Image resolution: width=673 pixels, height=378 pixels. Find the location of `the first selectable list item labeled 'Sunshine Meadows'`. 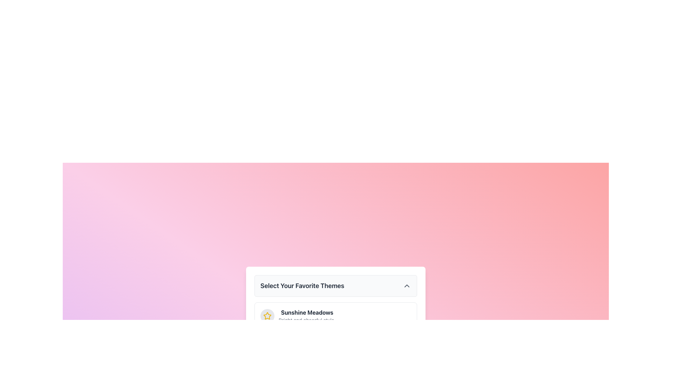

the first selectable list item labeled 'Sunshine Meadows' is located at coordinates (335, 316).